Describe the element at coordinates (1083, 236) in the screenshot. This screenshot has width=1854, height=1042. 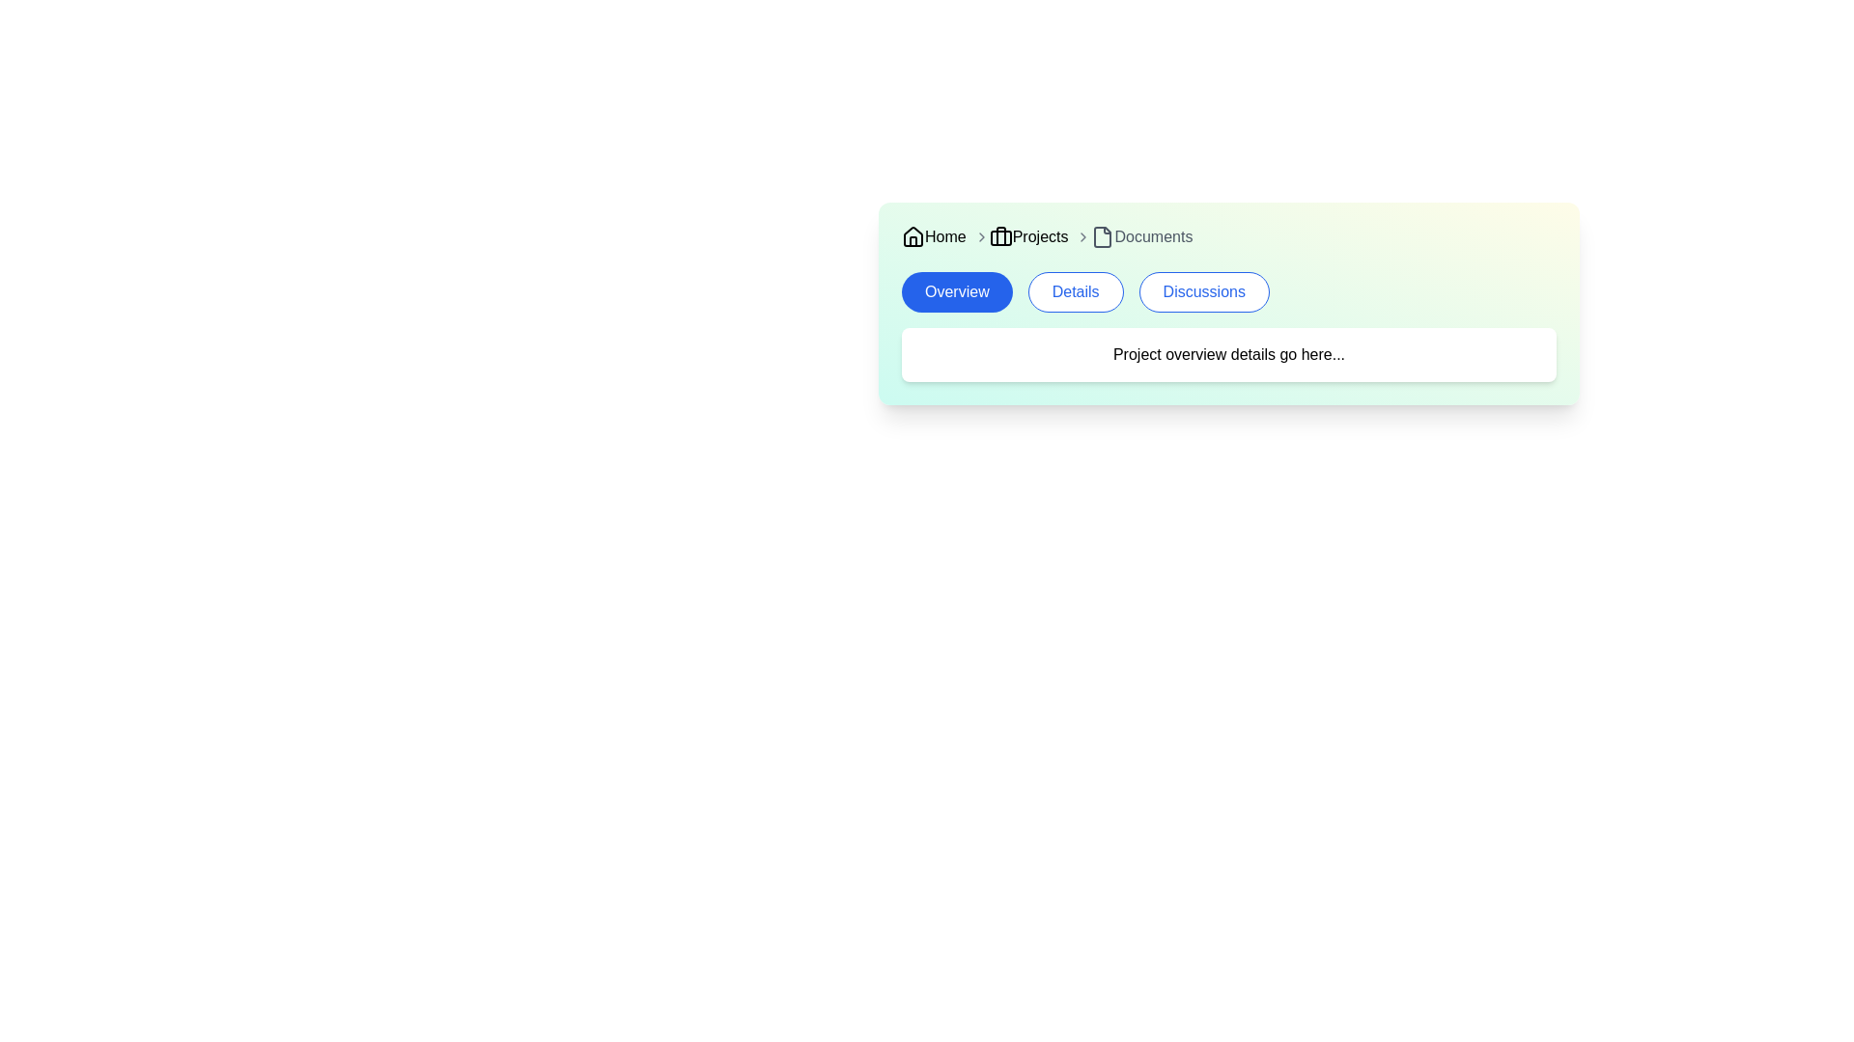
I see `the Rightward-Pointing Chevron Separator Icon located in the breadcrumb navigation bar between 'Projects' and 'Documents'` at that location.